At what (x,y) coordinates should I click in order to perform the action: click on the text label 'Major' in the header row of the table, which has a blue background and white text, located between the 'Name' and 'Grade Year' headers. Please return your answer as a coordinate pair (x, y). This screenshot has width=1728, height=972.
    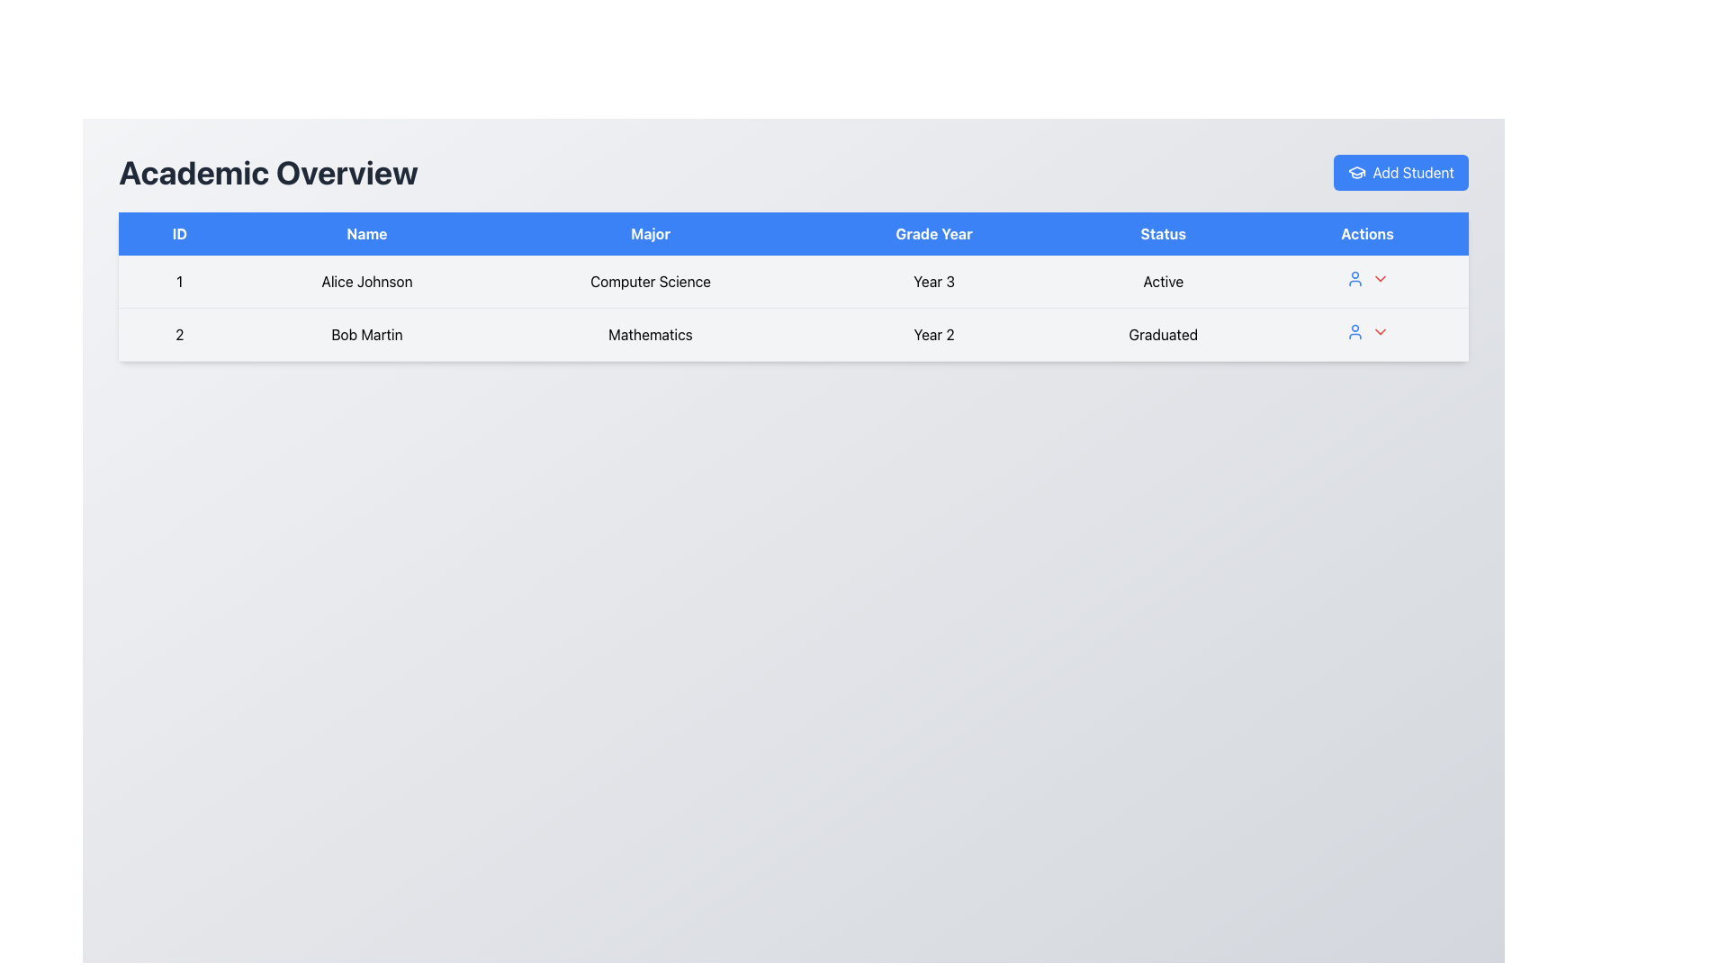
    Looking at the image, I should click on (650, 232).